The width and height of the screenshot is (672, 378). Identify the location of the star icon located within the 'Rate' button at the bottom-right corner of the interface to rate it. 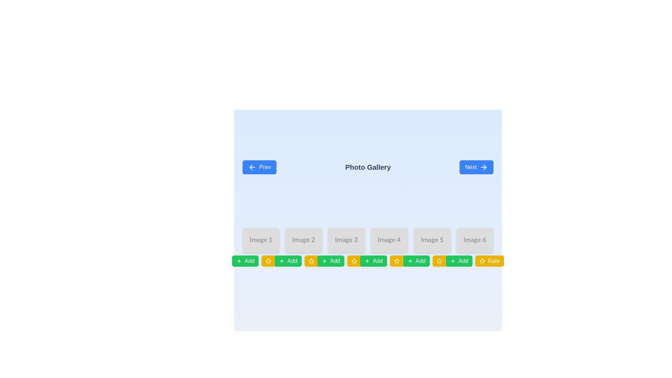
(397, 261).